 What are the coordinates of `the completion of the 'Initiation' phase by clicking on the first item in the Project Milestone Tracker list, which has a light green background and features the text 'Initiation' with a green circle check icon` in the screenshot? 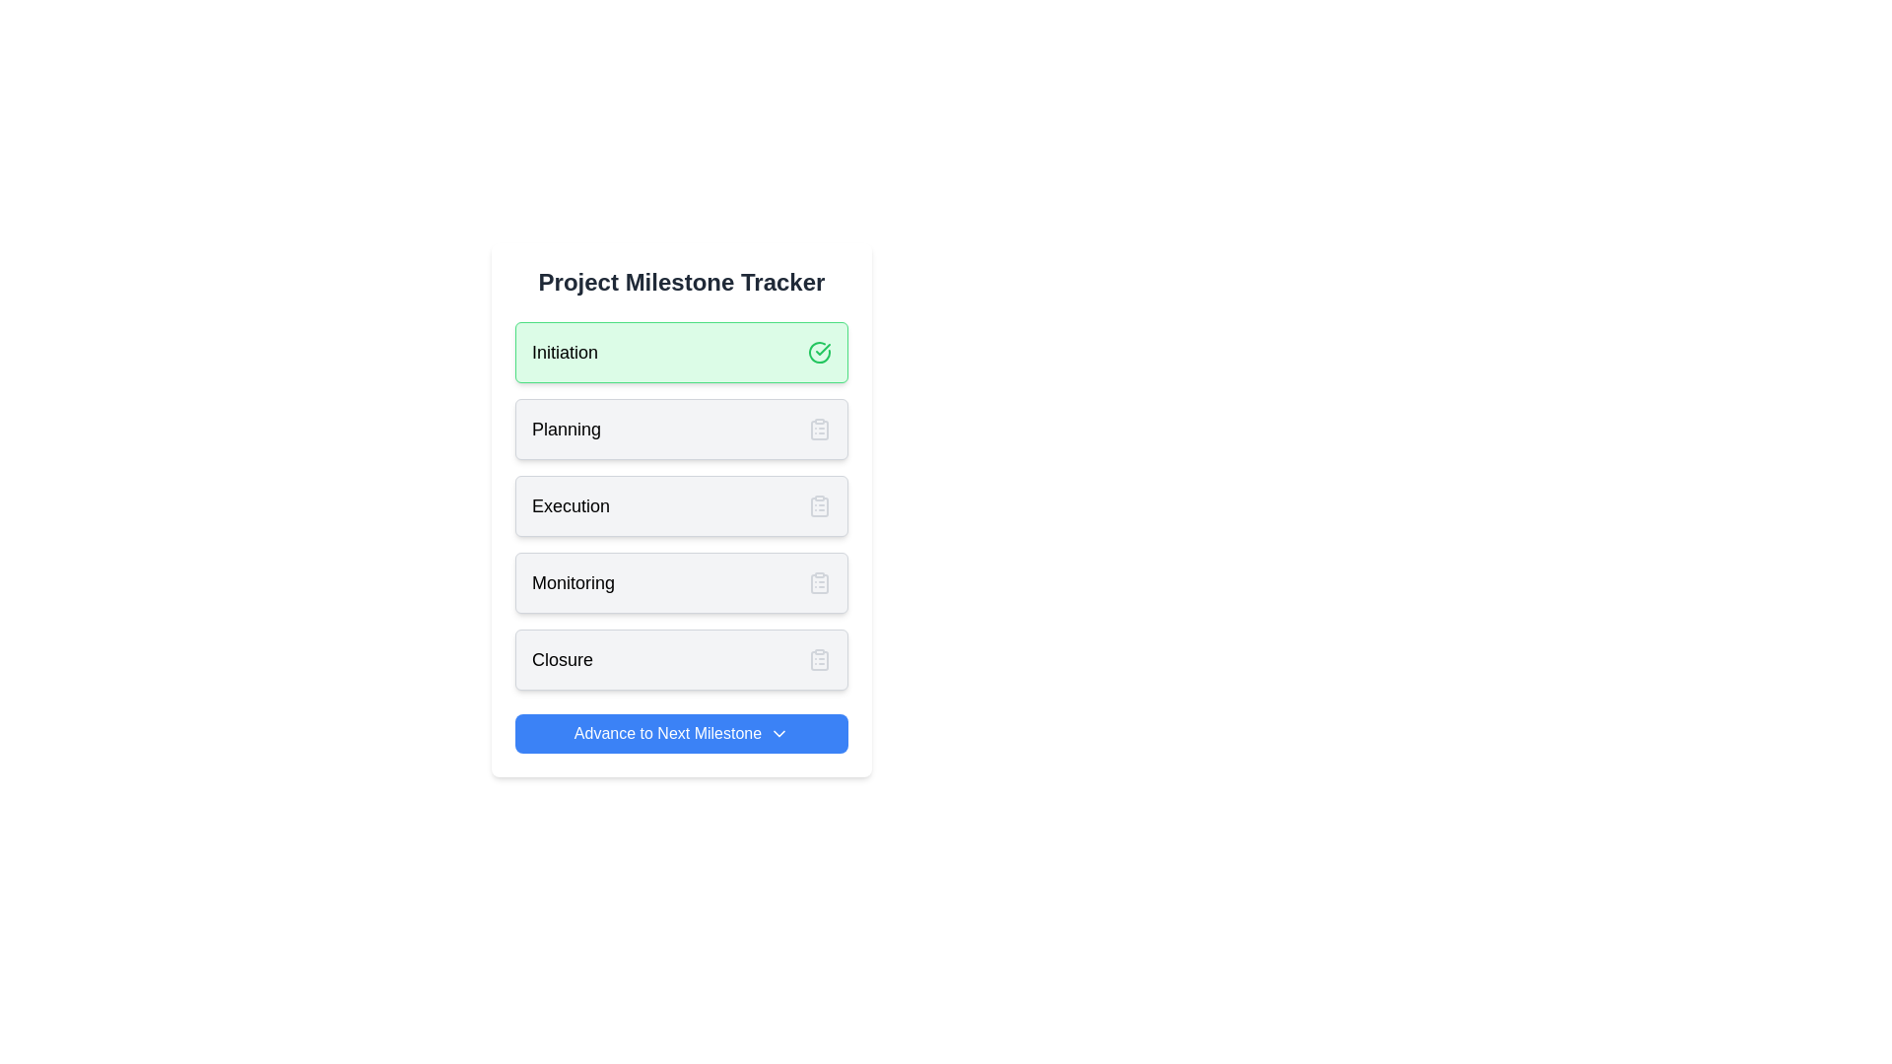 It's located at (681, 352).